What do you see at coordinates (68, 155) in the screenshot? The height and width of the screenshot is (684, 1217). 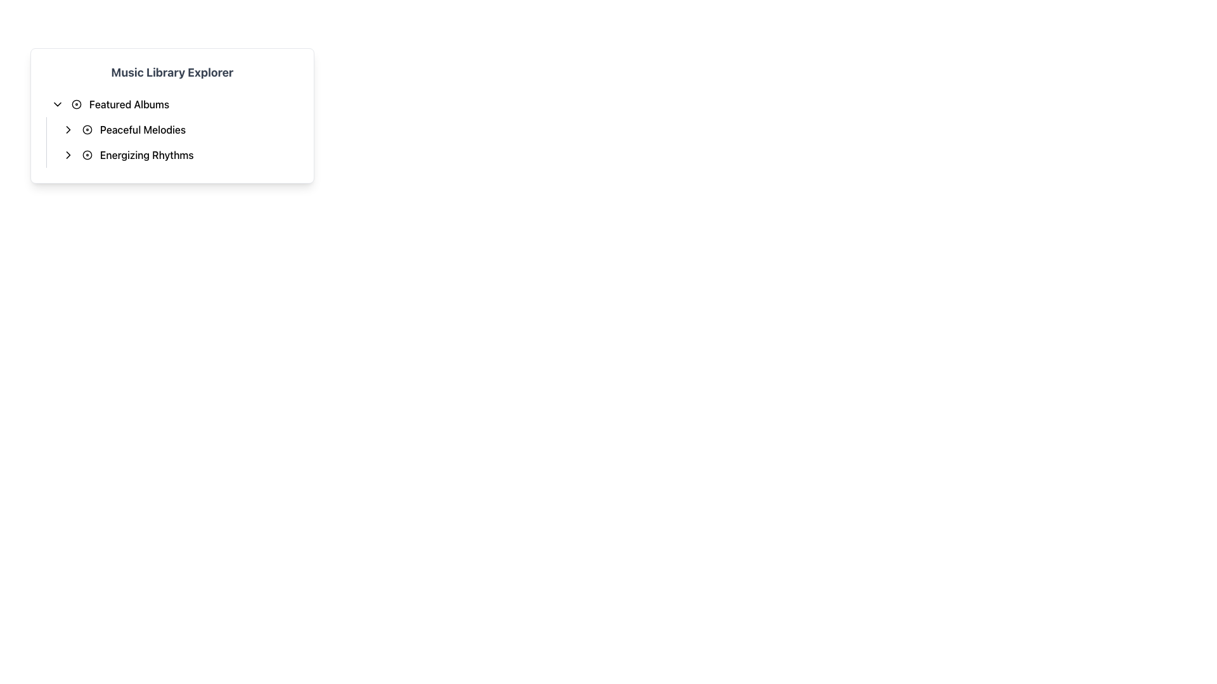 I see `the leftmost button of the 'Energizing Rhythms' section` at bounding box center [68, 155].